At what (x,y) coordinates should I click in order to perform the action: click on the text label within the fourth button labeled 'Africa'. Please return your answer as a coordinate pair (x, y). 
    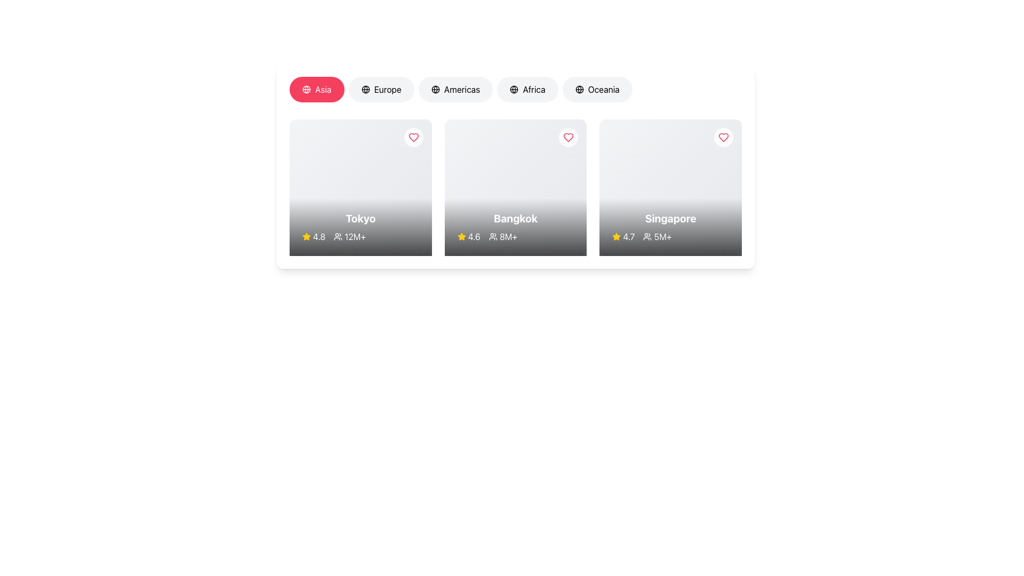
    Looking at the image, I should click on (534, 89).